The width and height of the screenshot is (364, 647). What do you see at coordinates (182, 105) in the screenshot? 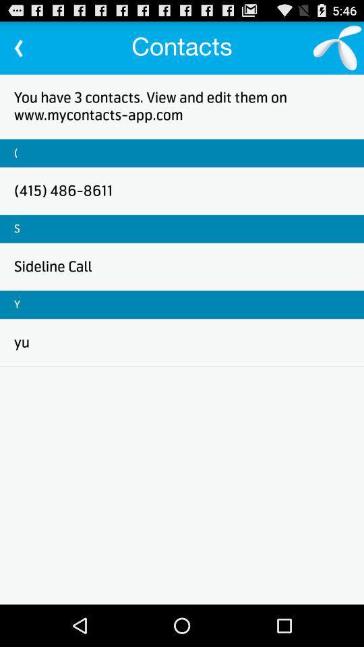
I see `you have 3 item` at bounding box center [182, 105].